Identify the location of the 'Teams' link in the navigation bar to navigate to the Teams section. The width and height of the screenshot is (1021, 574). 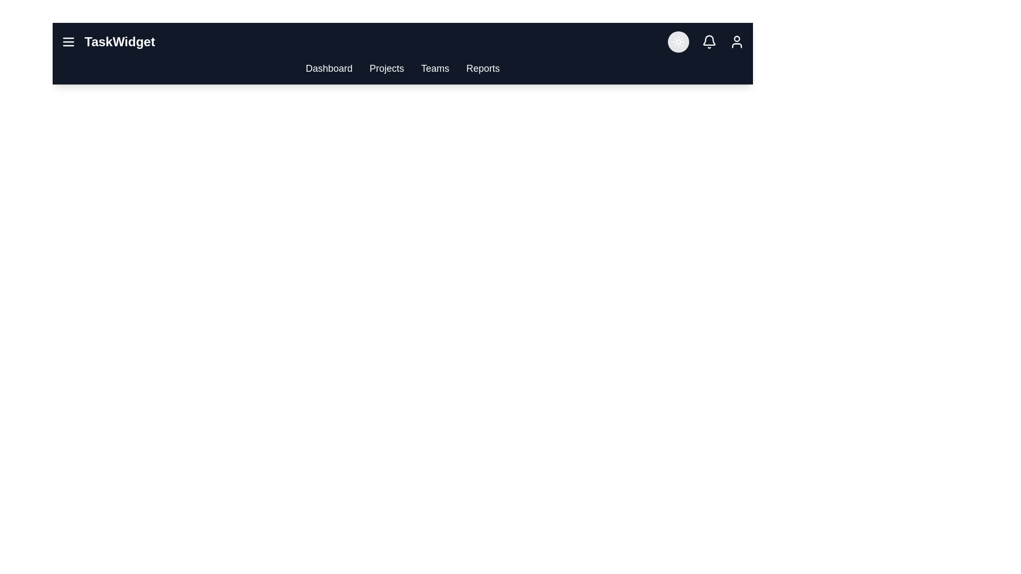
(434, 68).